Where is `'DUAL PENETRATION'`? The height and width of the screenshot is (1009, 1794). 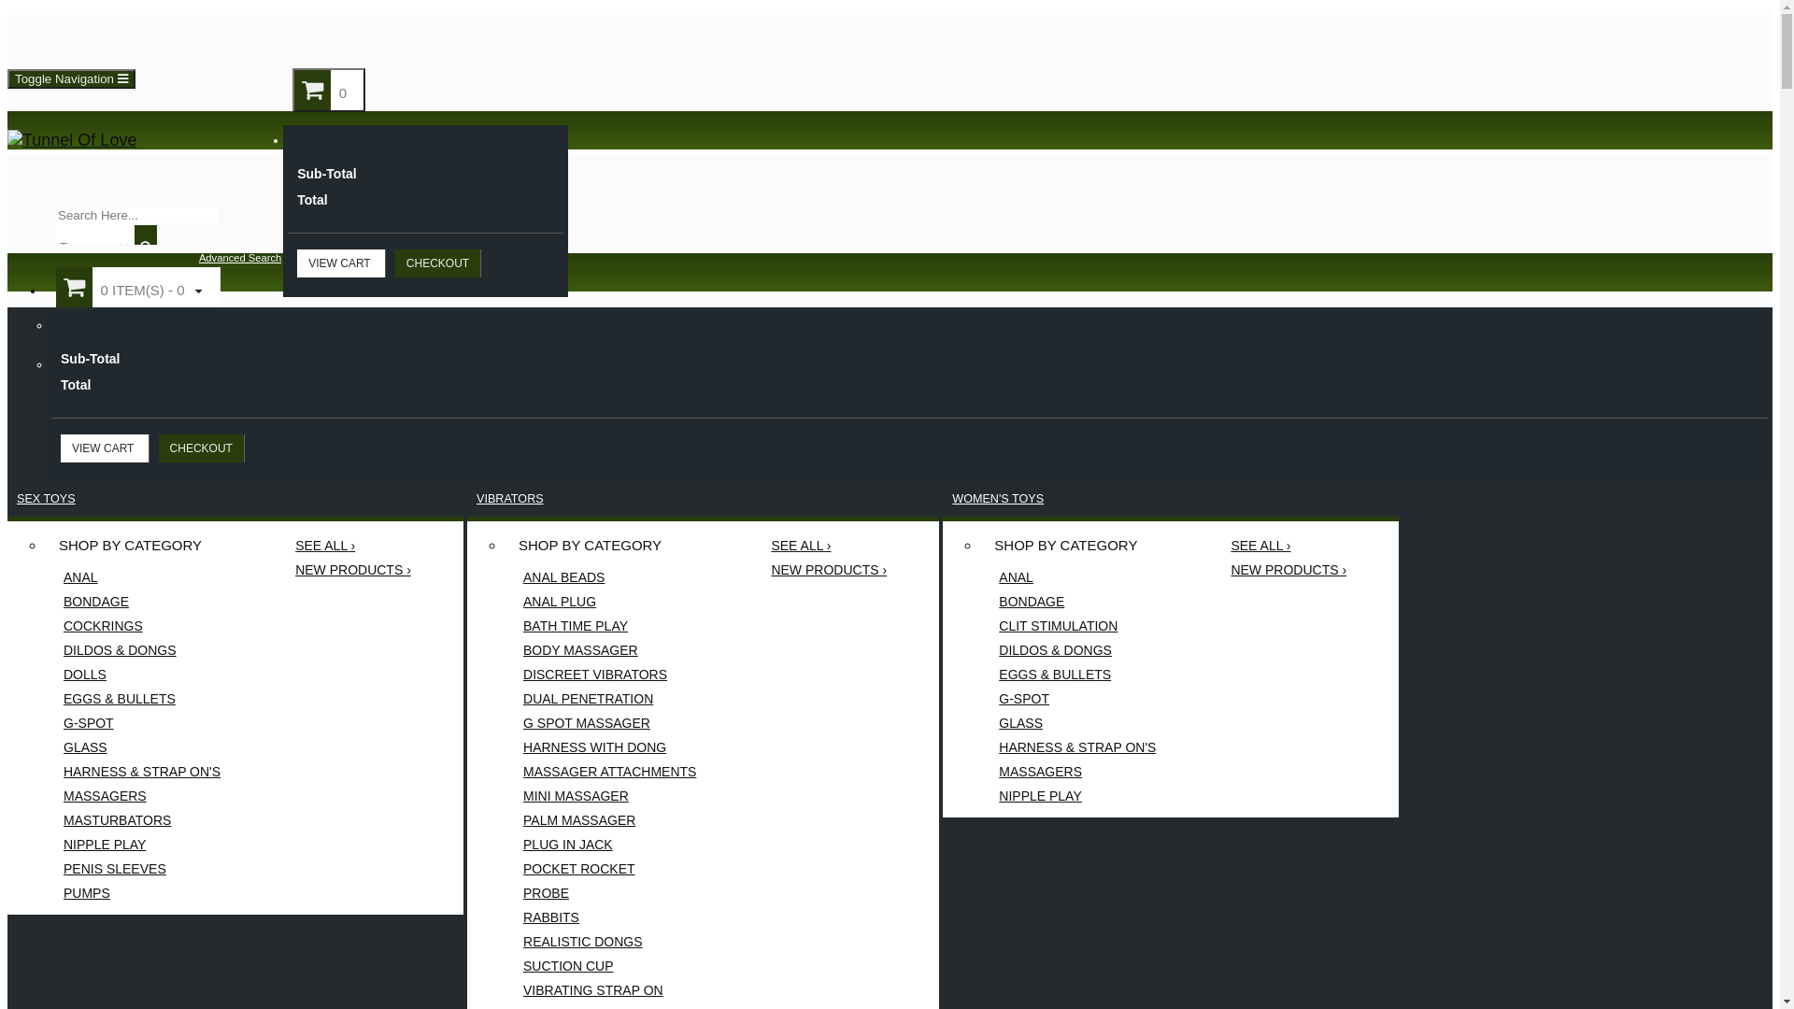 'DUAL PENETRATION' is located at coordinates (609, 699).